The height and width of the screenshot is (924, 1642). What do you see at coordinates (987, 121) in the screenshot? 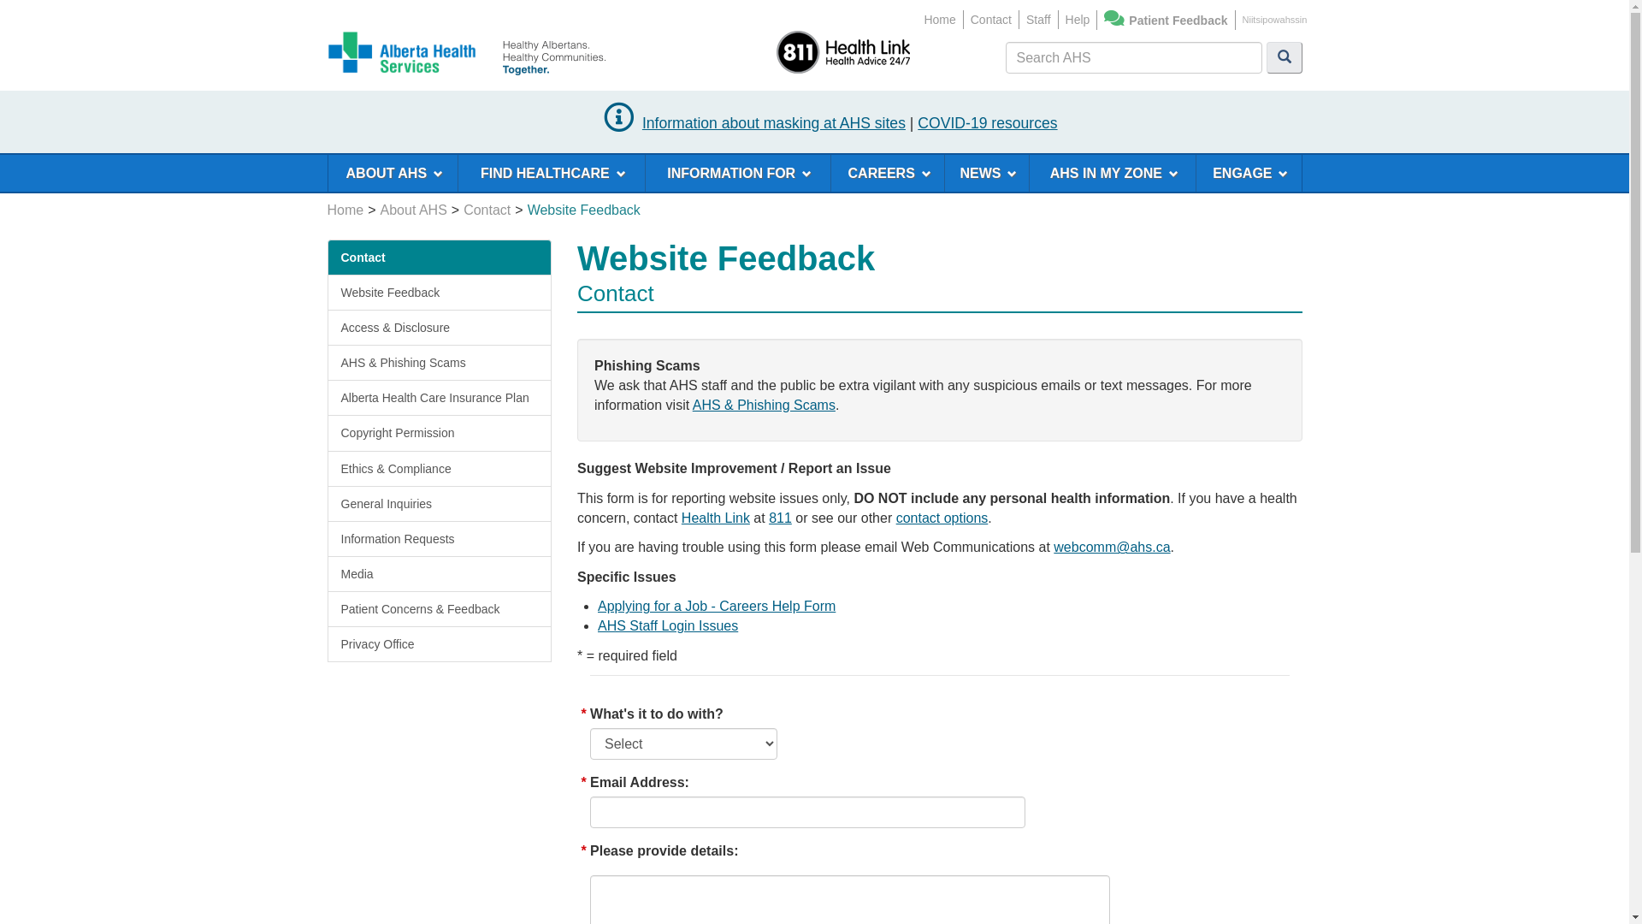
I see `'COVID-19 resources'` at bounding box center [987, 121].